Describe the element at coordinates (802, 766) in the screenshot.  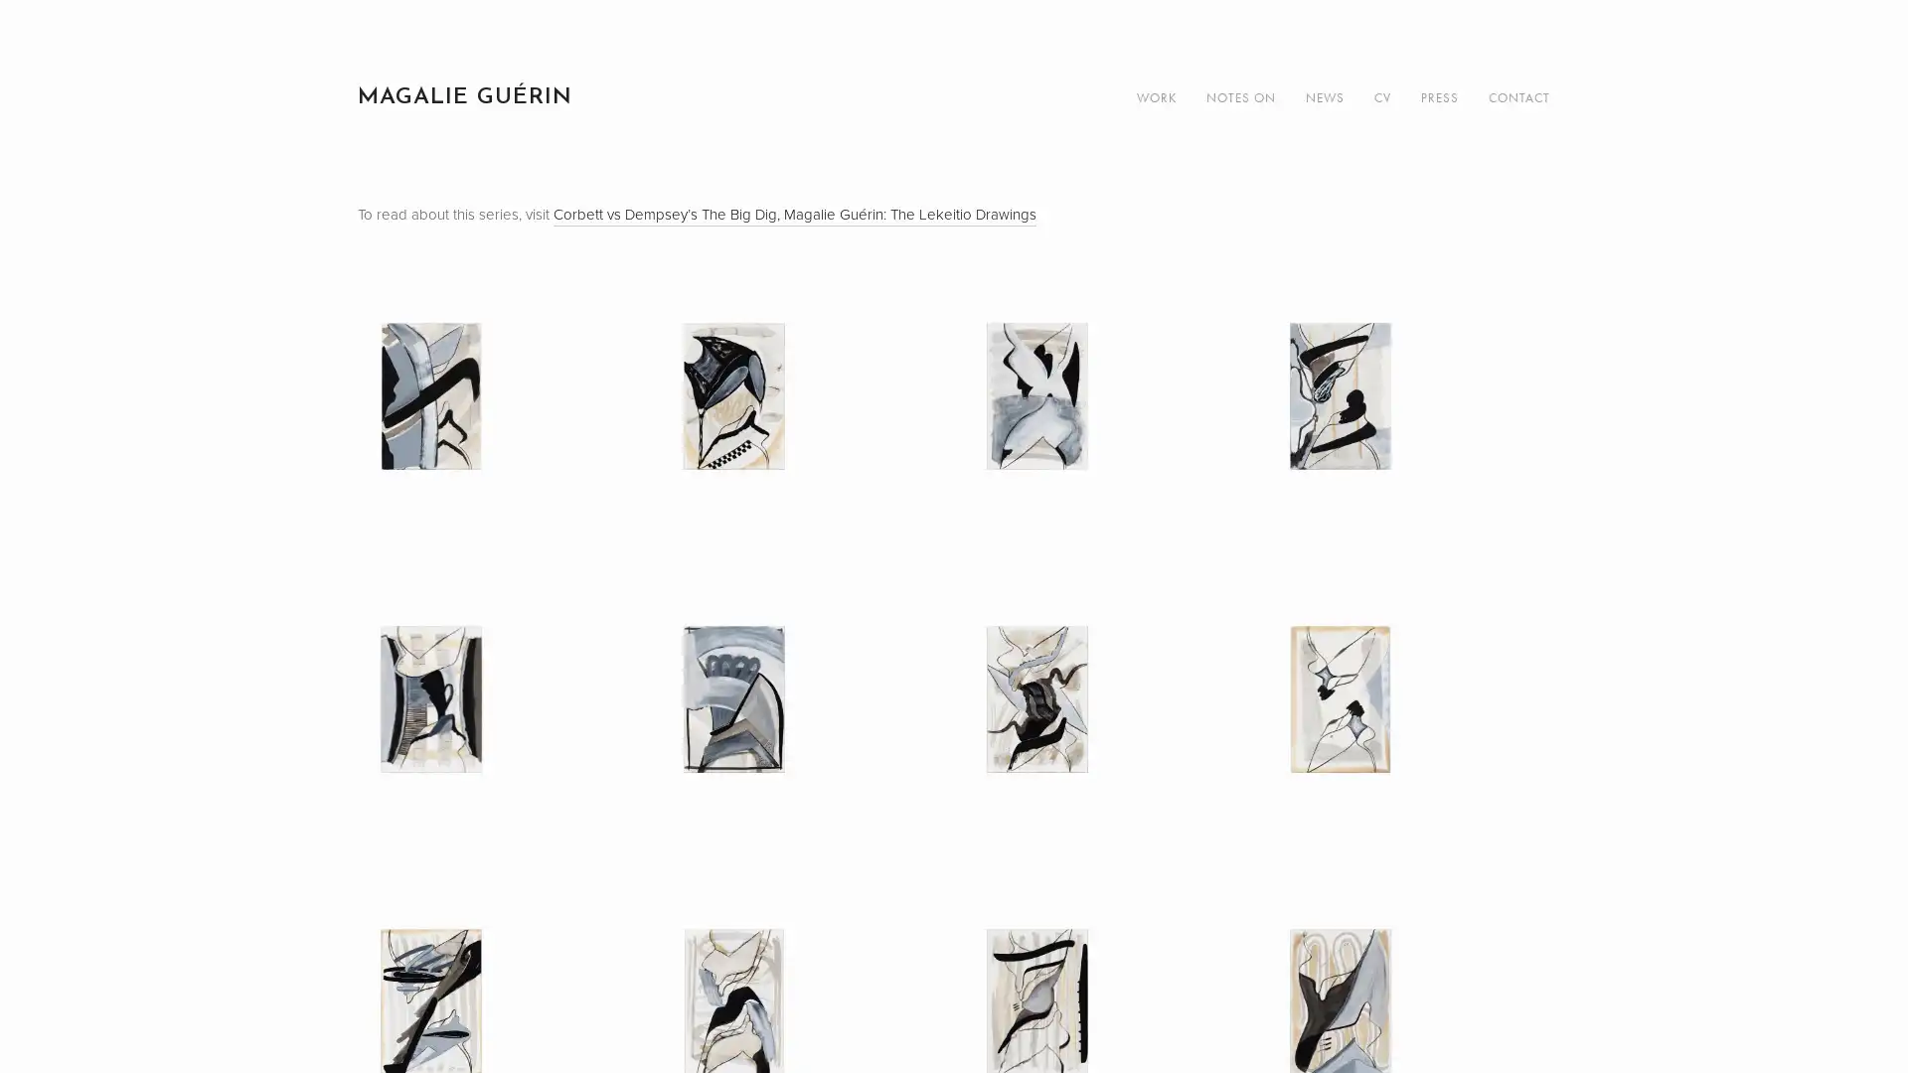
I see `View fullsize Untitled (LK 06), 2019` at that location.